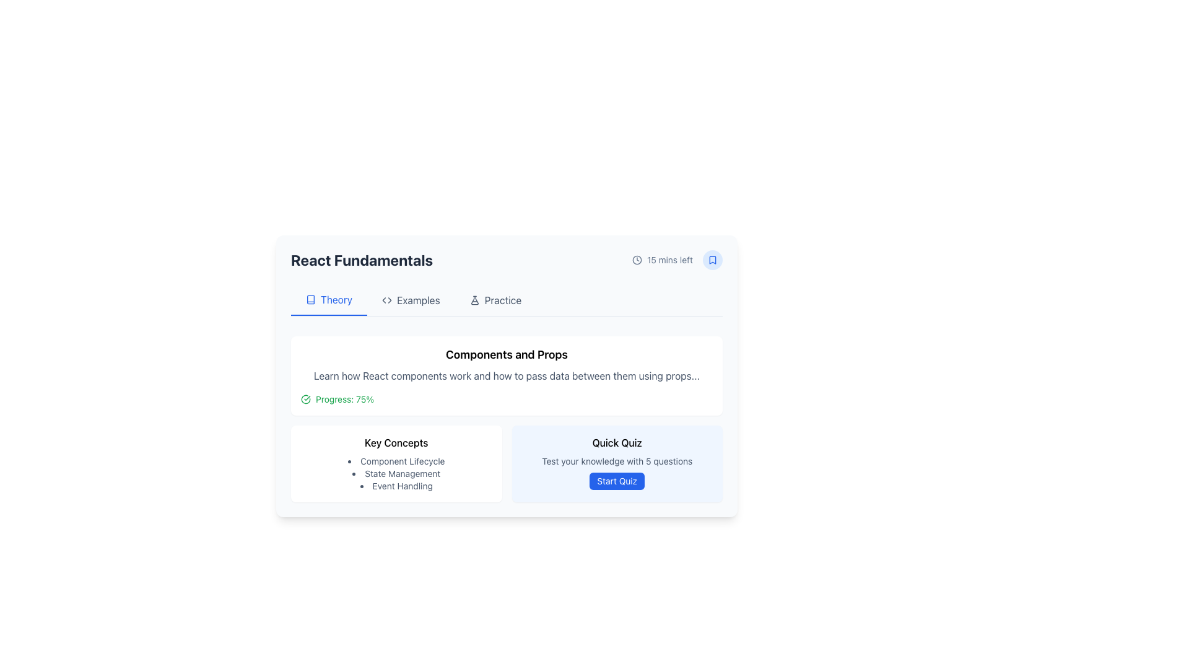 This screenshot has width=1189, height=669. I want to click on the first text item in the vertical bulleted list labeled 'Component Lifecycle', which is located in the lower half of the interface, so click(396, 461).